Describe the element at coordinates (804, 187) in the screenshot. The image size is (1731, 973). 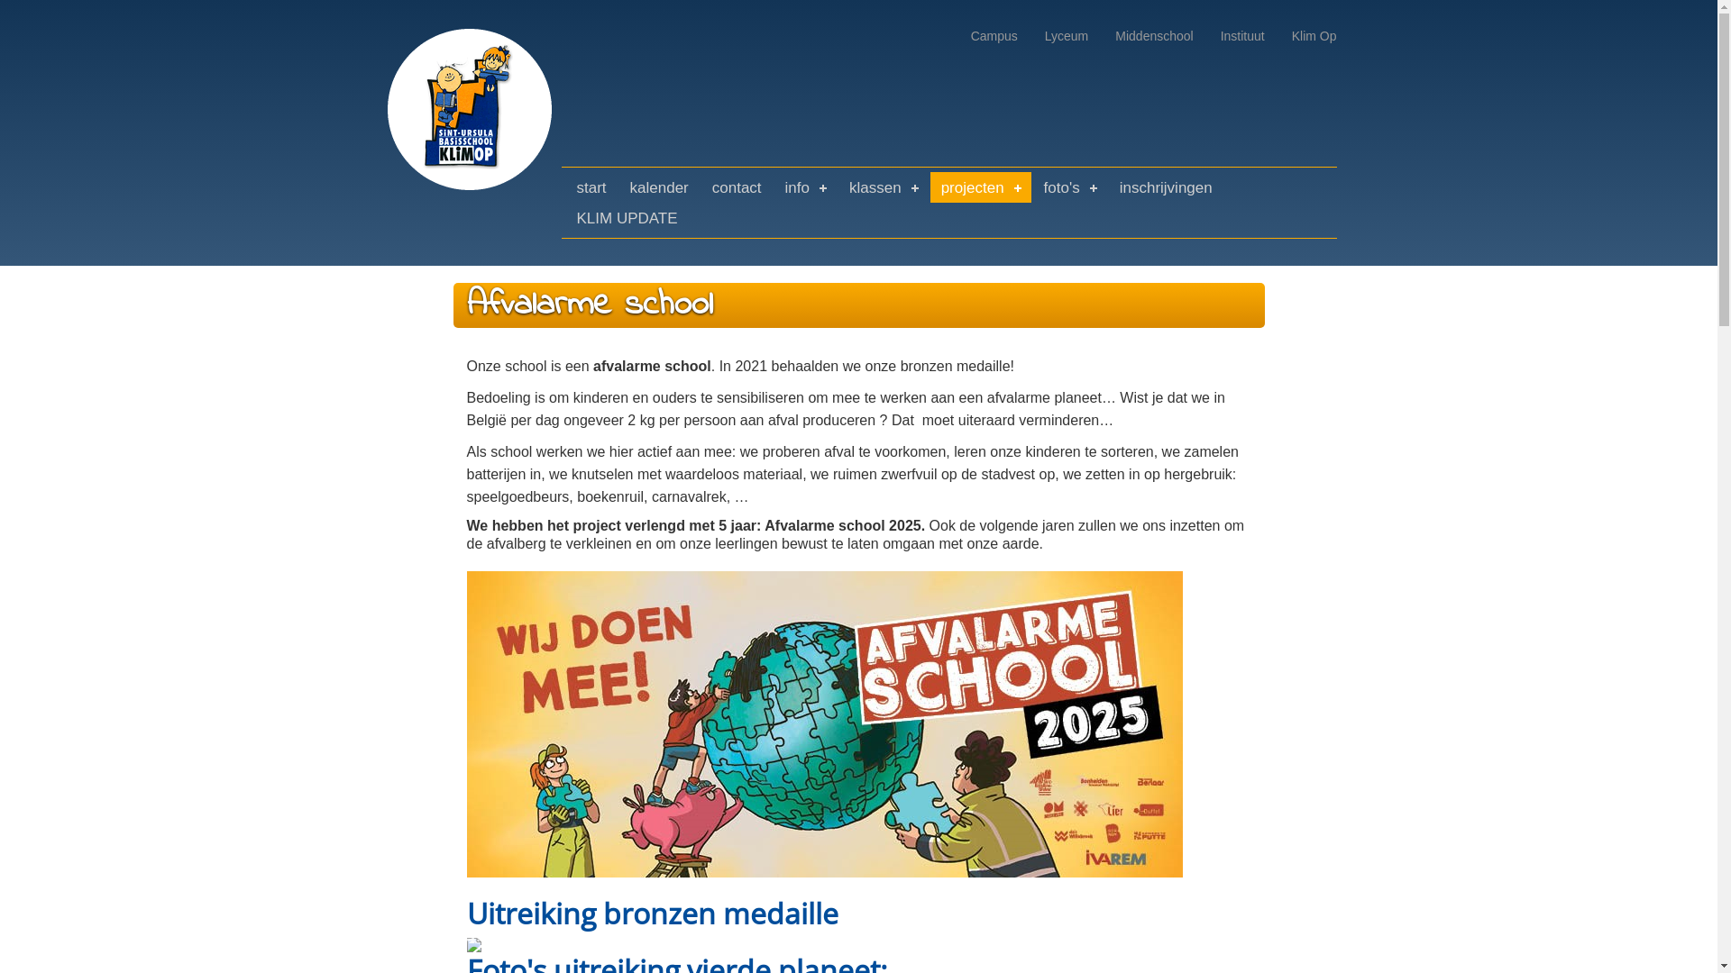
I see `'info'` at that location.